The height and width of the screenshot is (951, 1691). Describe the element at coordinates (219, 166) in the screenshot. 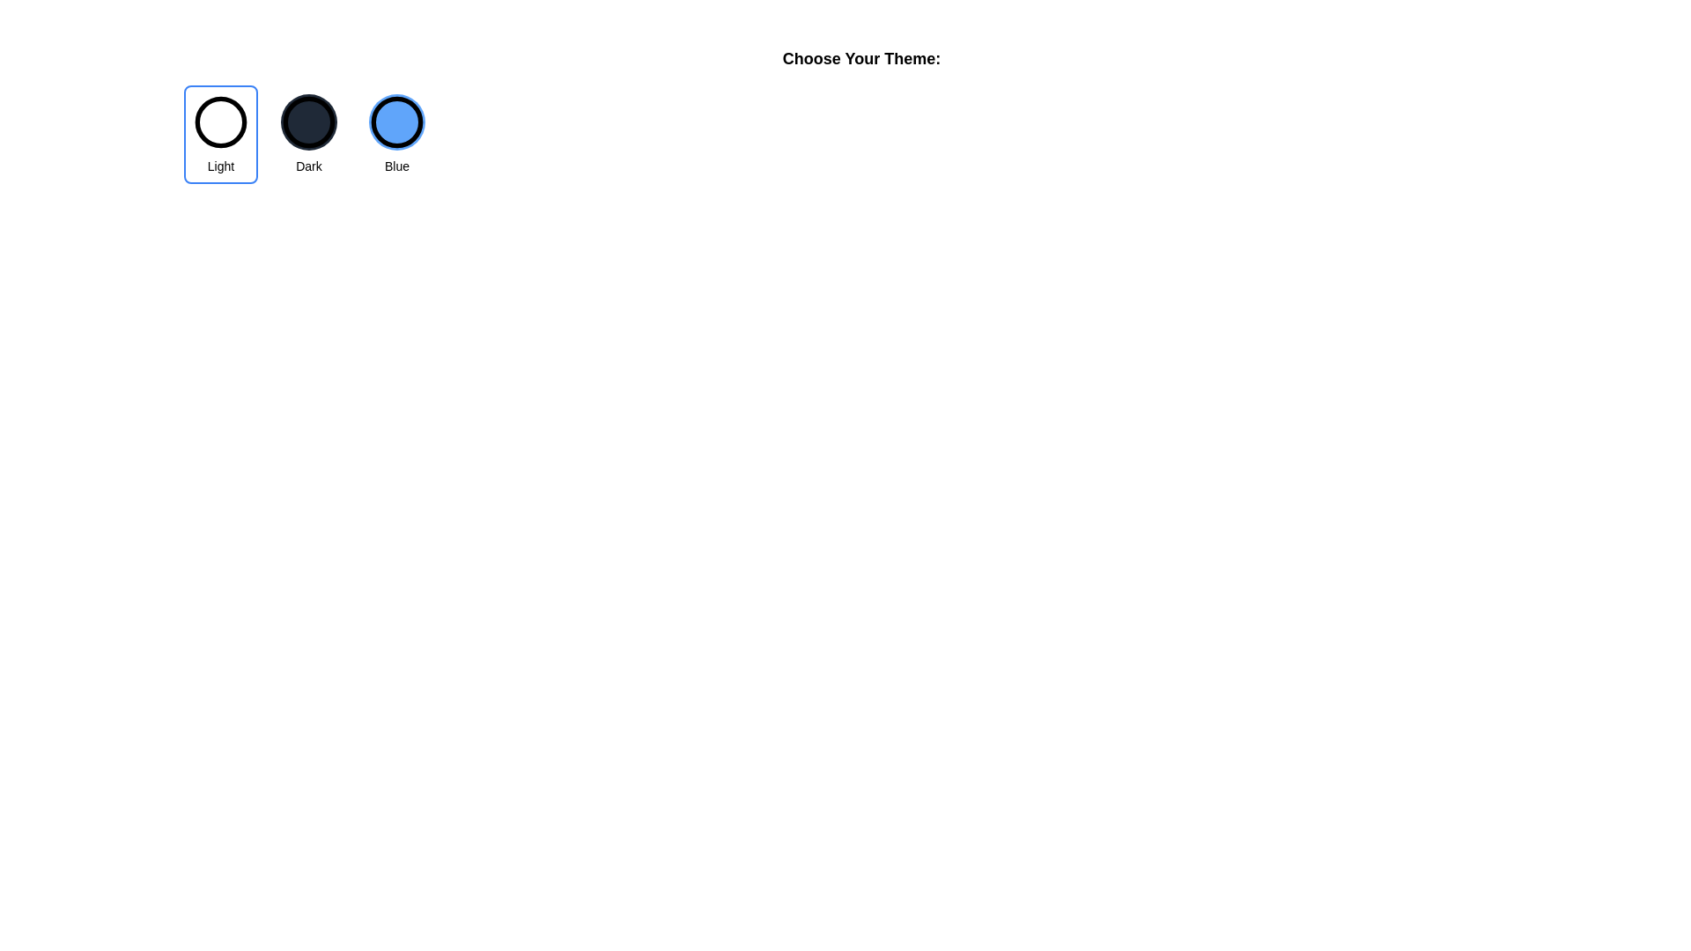

I see `the text label that indicates the theme selection within a rounded, bordered button, positioned to the far left of similar buttons labeled 'Dark' and 'Blue'` at that location.